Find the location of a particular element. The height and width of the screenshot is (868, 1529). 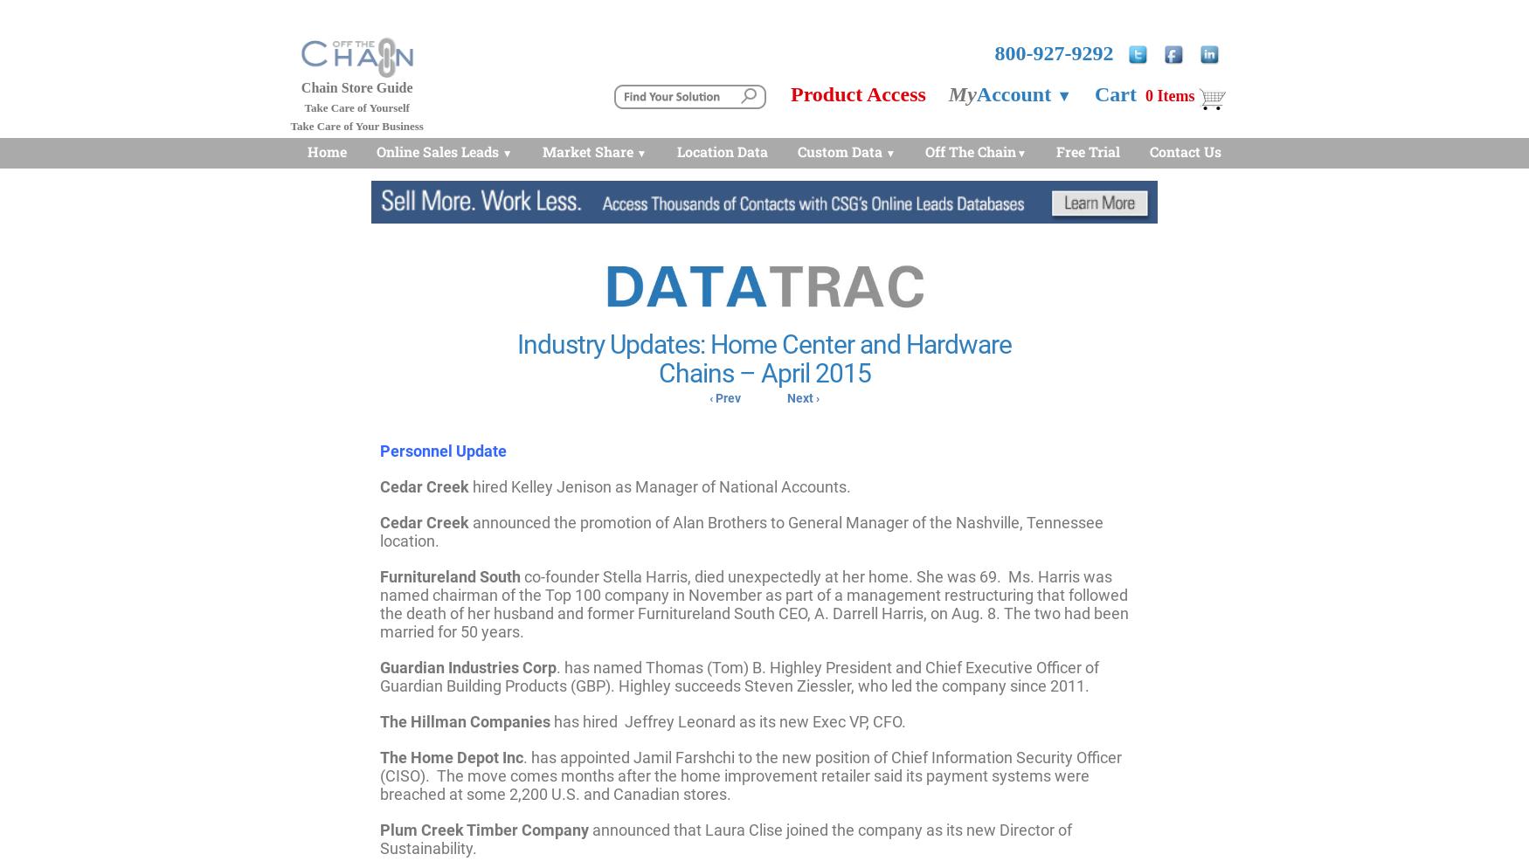

'co-founder Stella Harris, died unexpectedly at her home. She was 69.  Ms. Harris was named chairman of the Top 100 company in November as part of a management restructuring that followed the death of her husband and former Furnitureland South CEO, A. Darrell Harris, on Aug. 8. The two had been married for 50 years.' is located at coordinates (754, 603).